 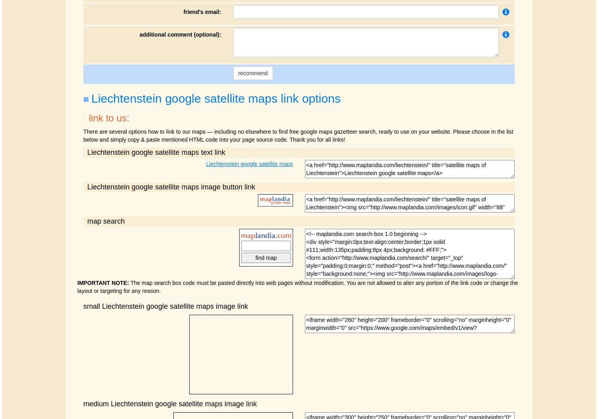 What do you see at coordinates (298, 135) in the screenshot?
I see `'There are several options how to link to our maps — including no elsewhere to find free google maps gazetteer search, ready to use on your website. Please choose in the list below and simply copy & paste mentioned HTML code into your page source code. Thank you for all links!'` at bounding box center [298, 135].